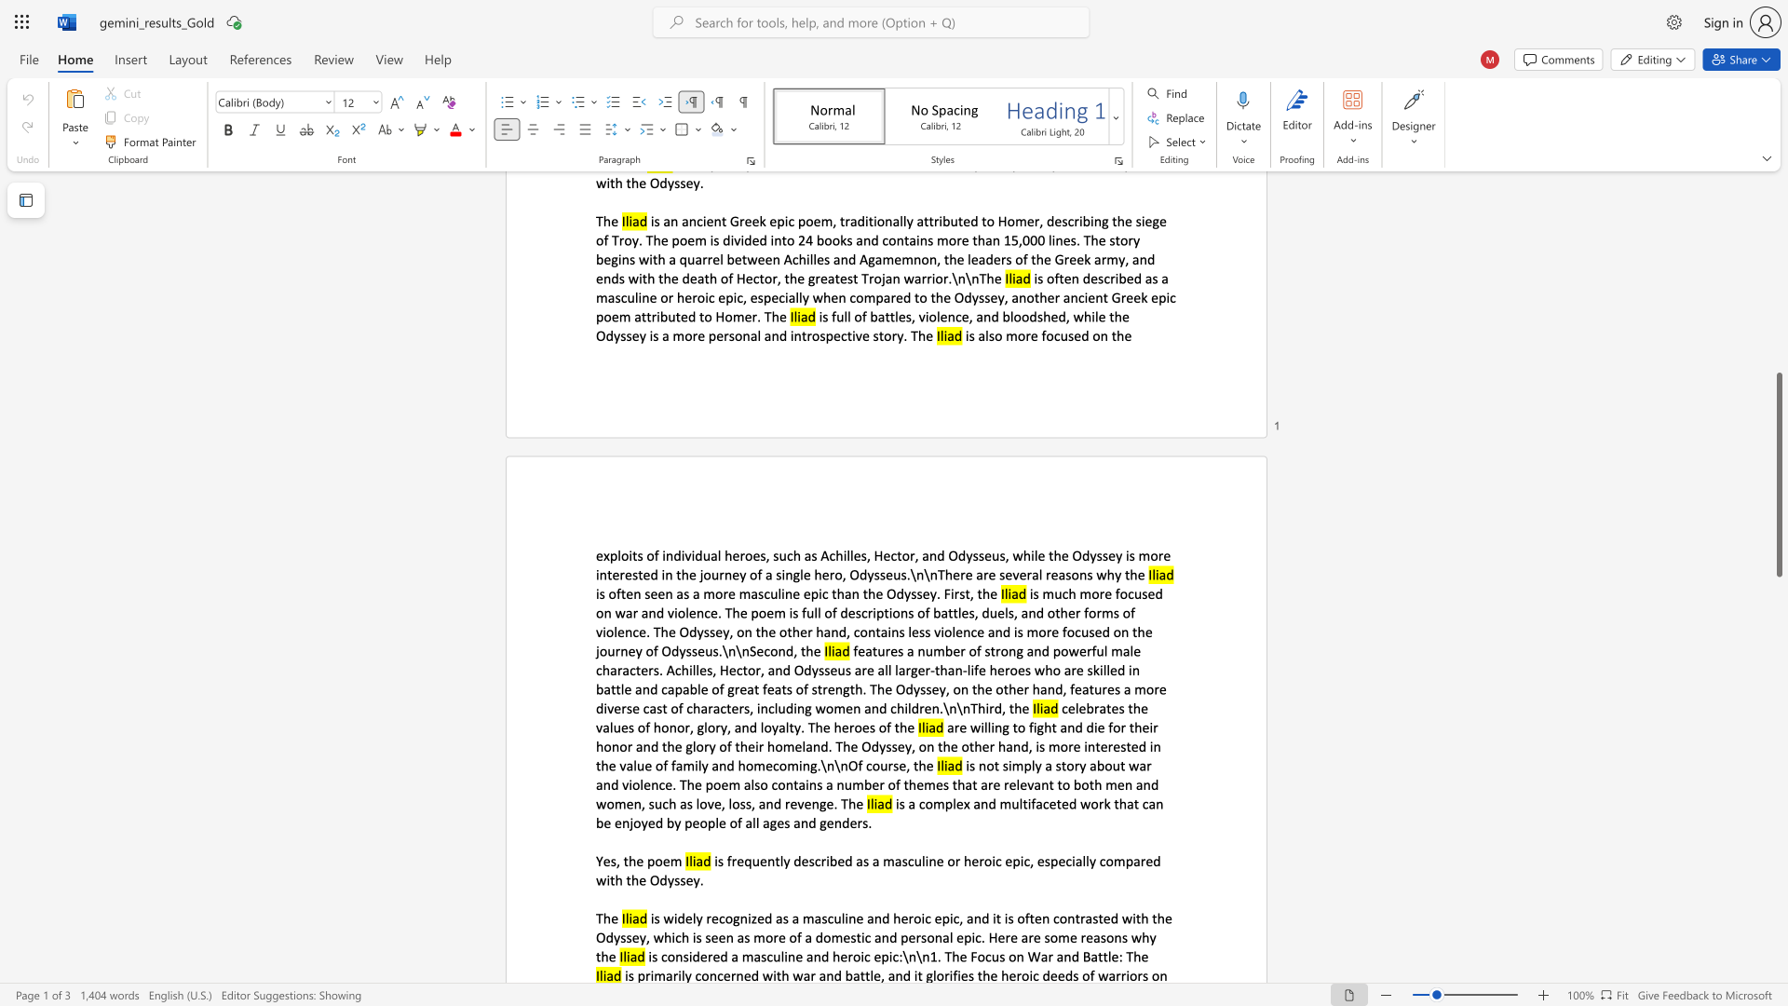 This screenshot has width=1788, height=1006. I want to click on the scrollbar to move the view up, so click(1778, 325).